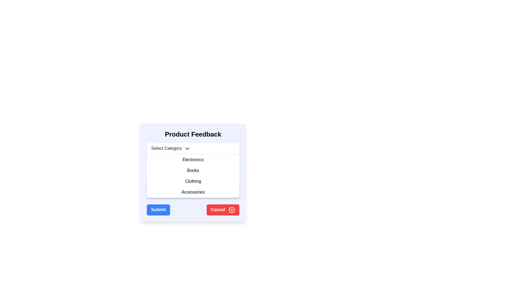 Image resolution: width=520 pixels, height=292 pixels. I want to click on the 'Books' option in the dropdown menu, so click(193, 170).